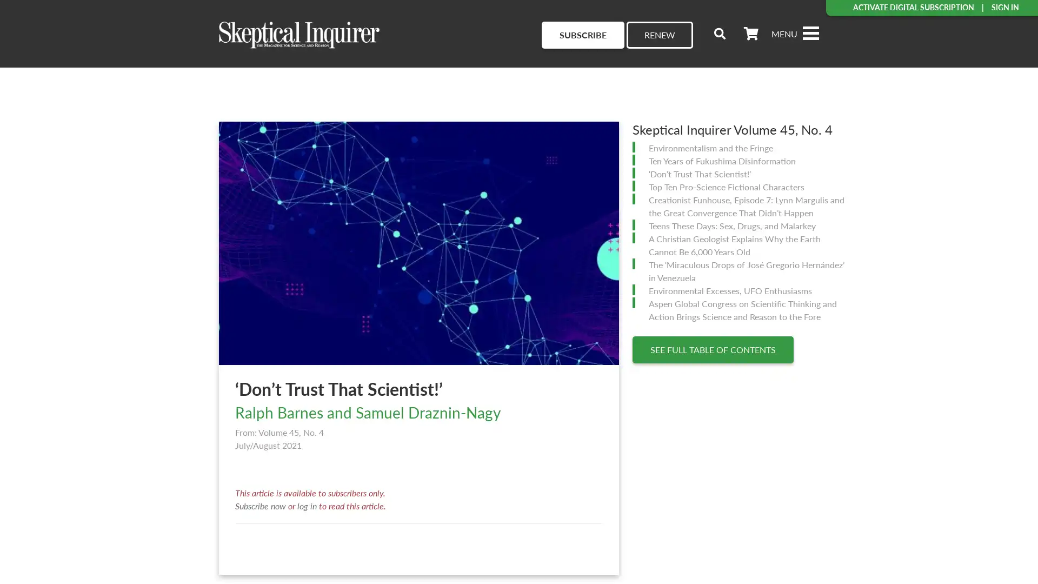  I want to click on SUBSCRIBE, so click(582, 35).